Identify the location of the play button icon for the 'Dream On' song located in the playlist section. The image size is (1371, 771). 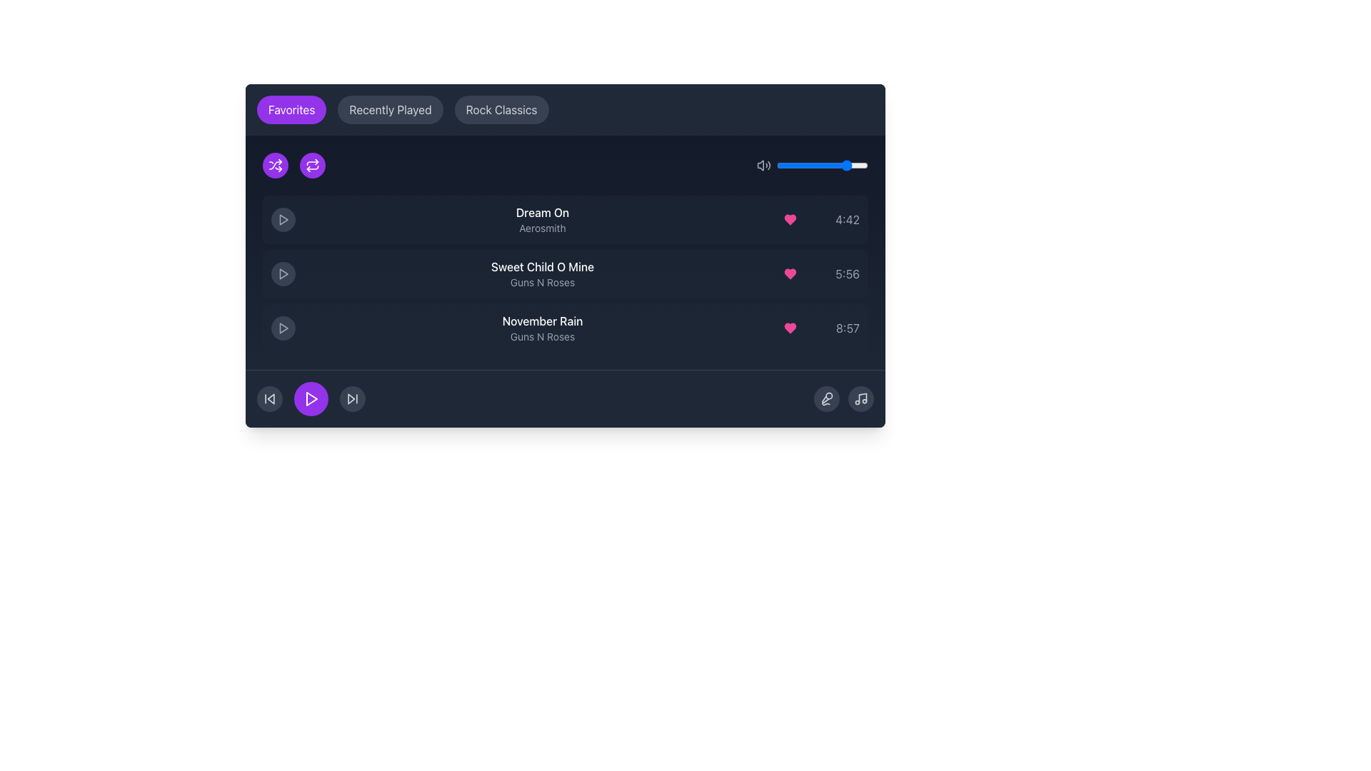
(283, 220).